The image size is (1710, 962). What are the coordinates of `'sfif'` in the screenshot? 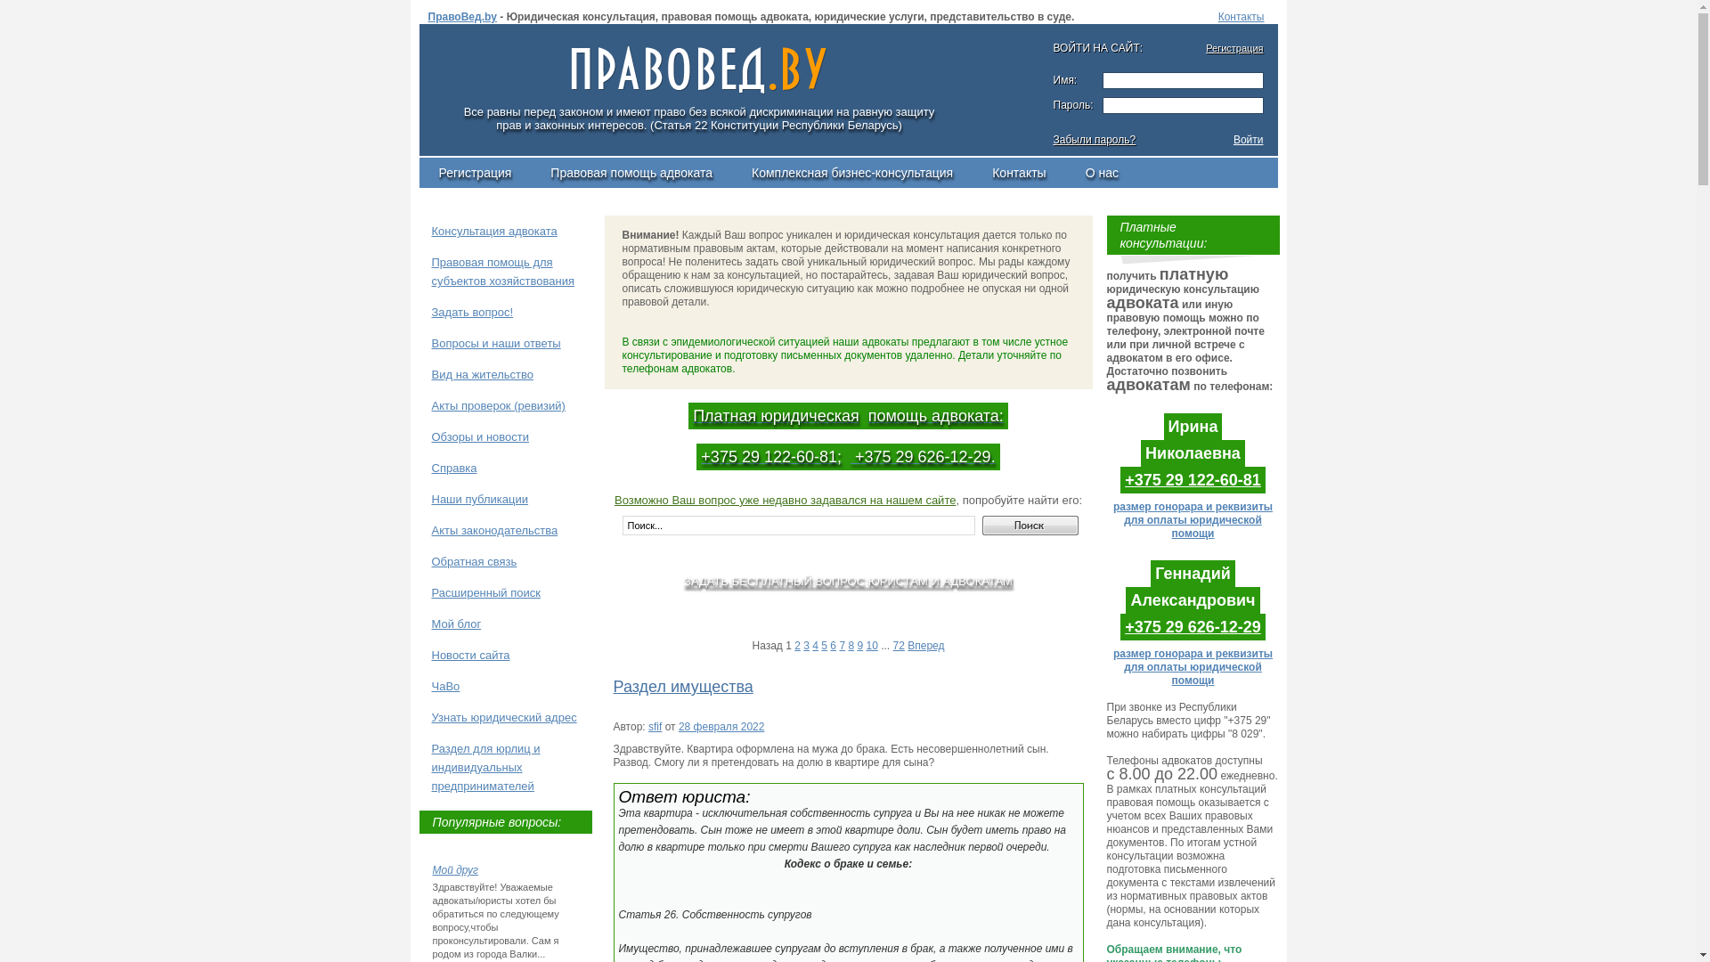 It's located at (654, 727).